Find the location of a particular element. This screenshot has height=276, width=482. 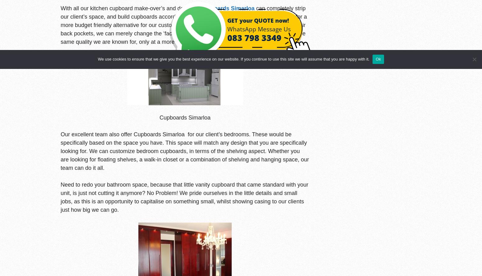

'With all our kitchen cupboard make-over’s and designs,' is located at coordinates (130, 8).